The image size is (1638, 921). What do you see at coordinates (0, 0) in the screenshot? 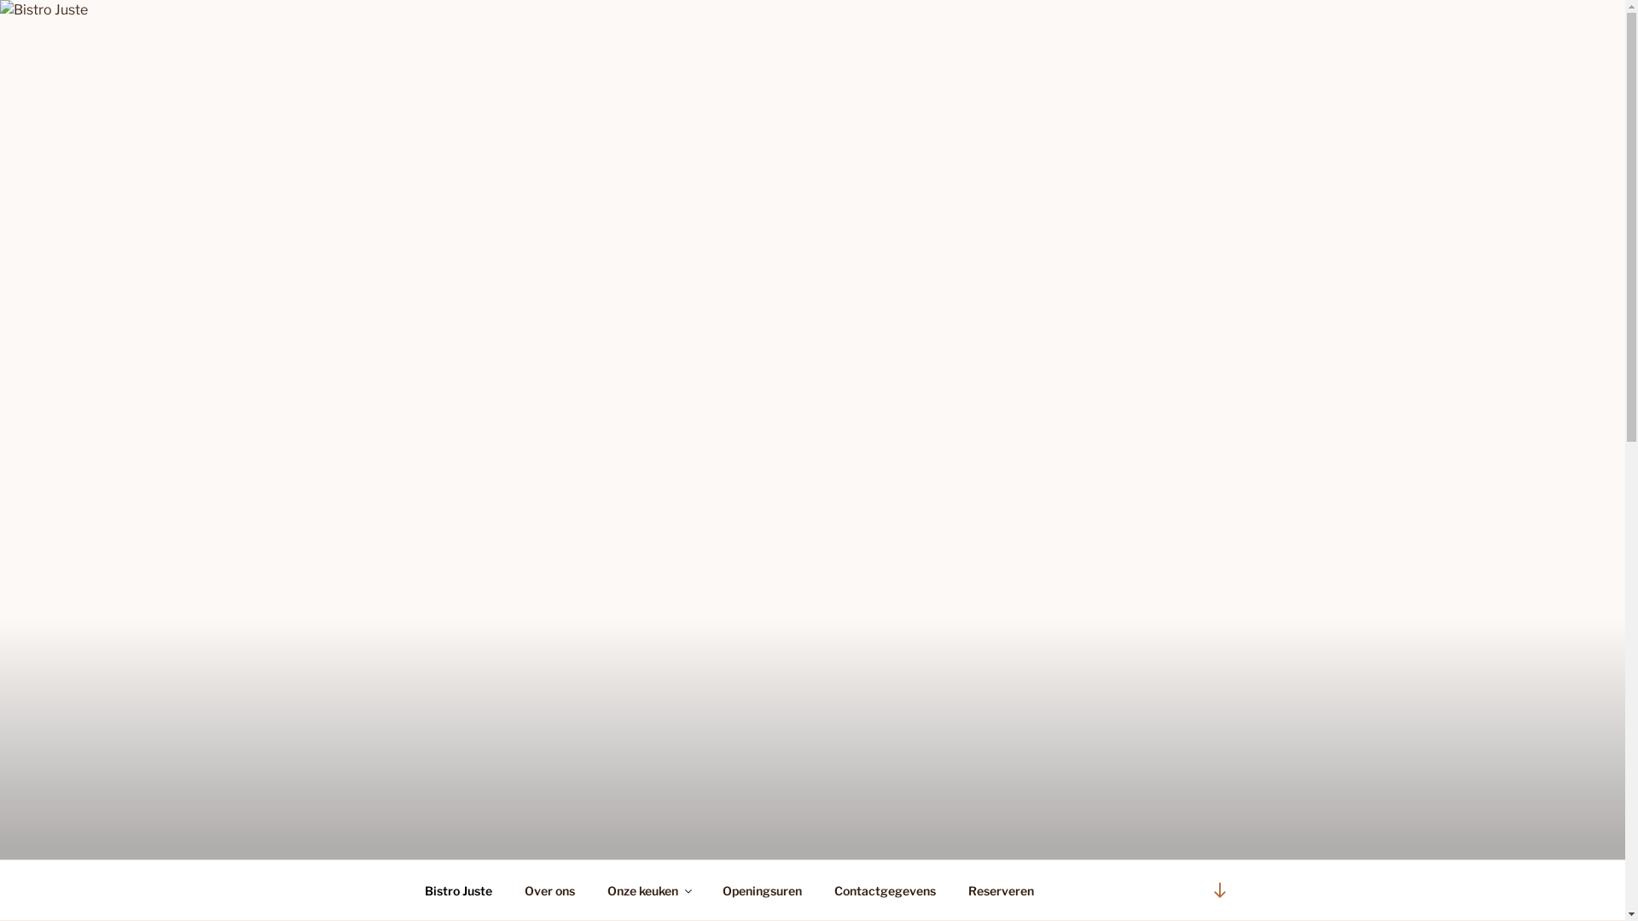
I see `'Naar de inhoud springen'` at bounding box center [0, 0].